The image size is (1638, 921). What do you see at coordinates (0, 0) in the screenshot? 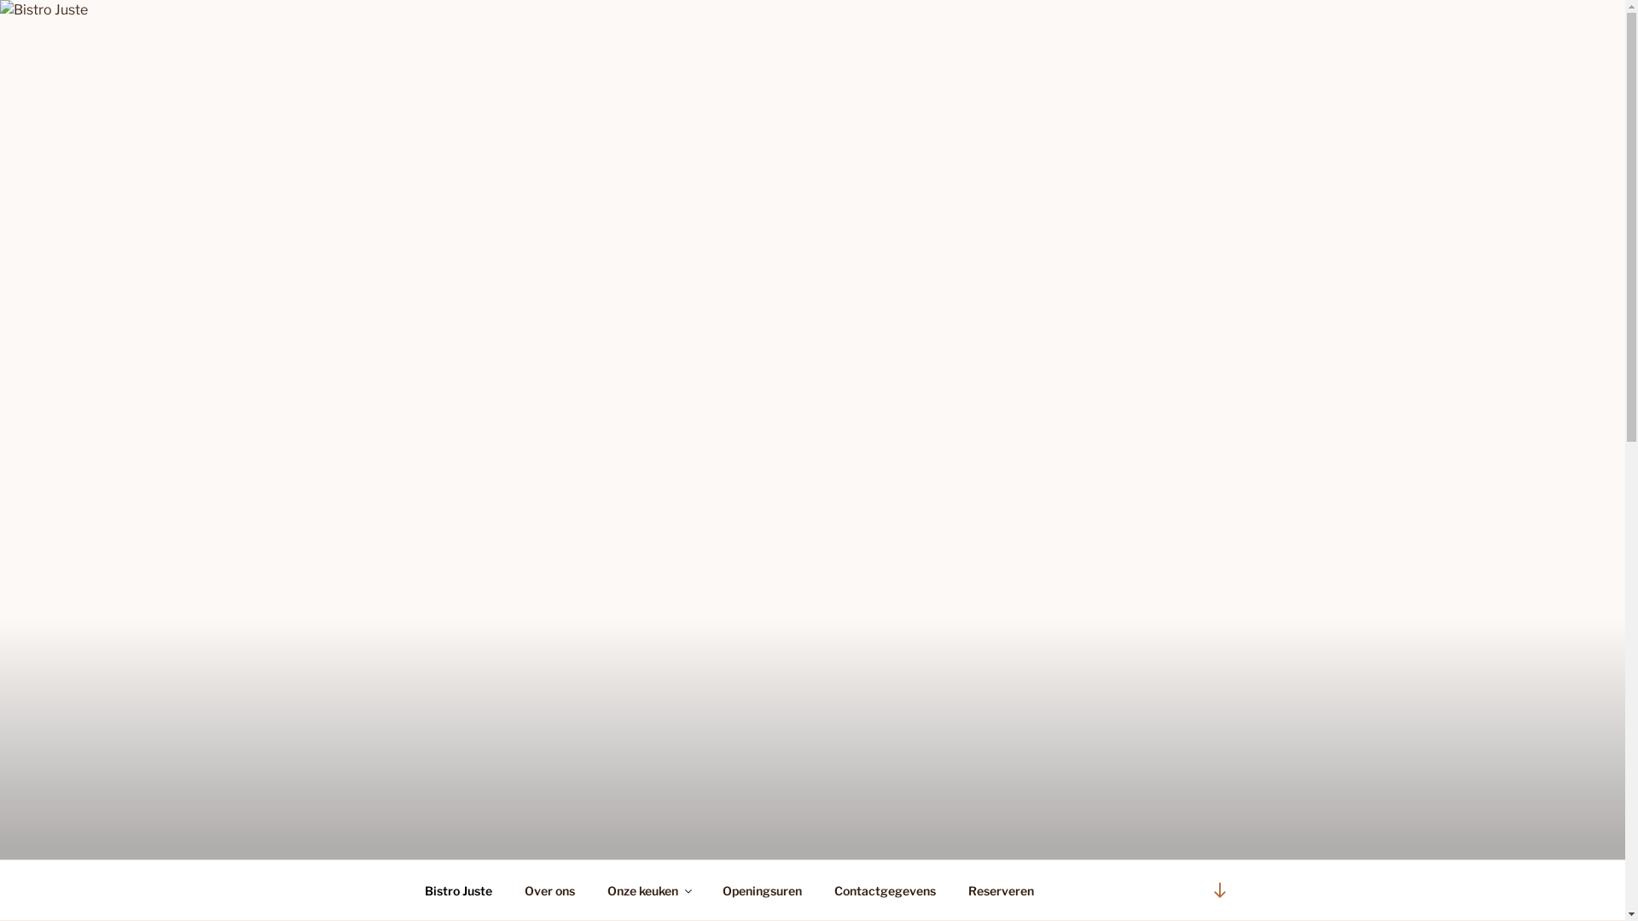
I see `'Naar de inhoud springen'` at bounding box center [0, 0].